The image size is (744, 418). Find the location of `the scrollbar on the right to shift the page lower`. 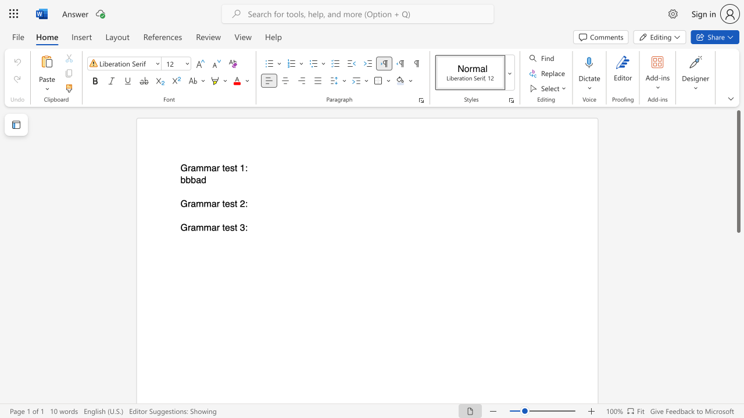

the scrollbar on the right to shift the page lower is located at coordinates (738, 337).